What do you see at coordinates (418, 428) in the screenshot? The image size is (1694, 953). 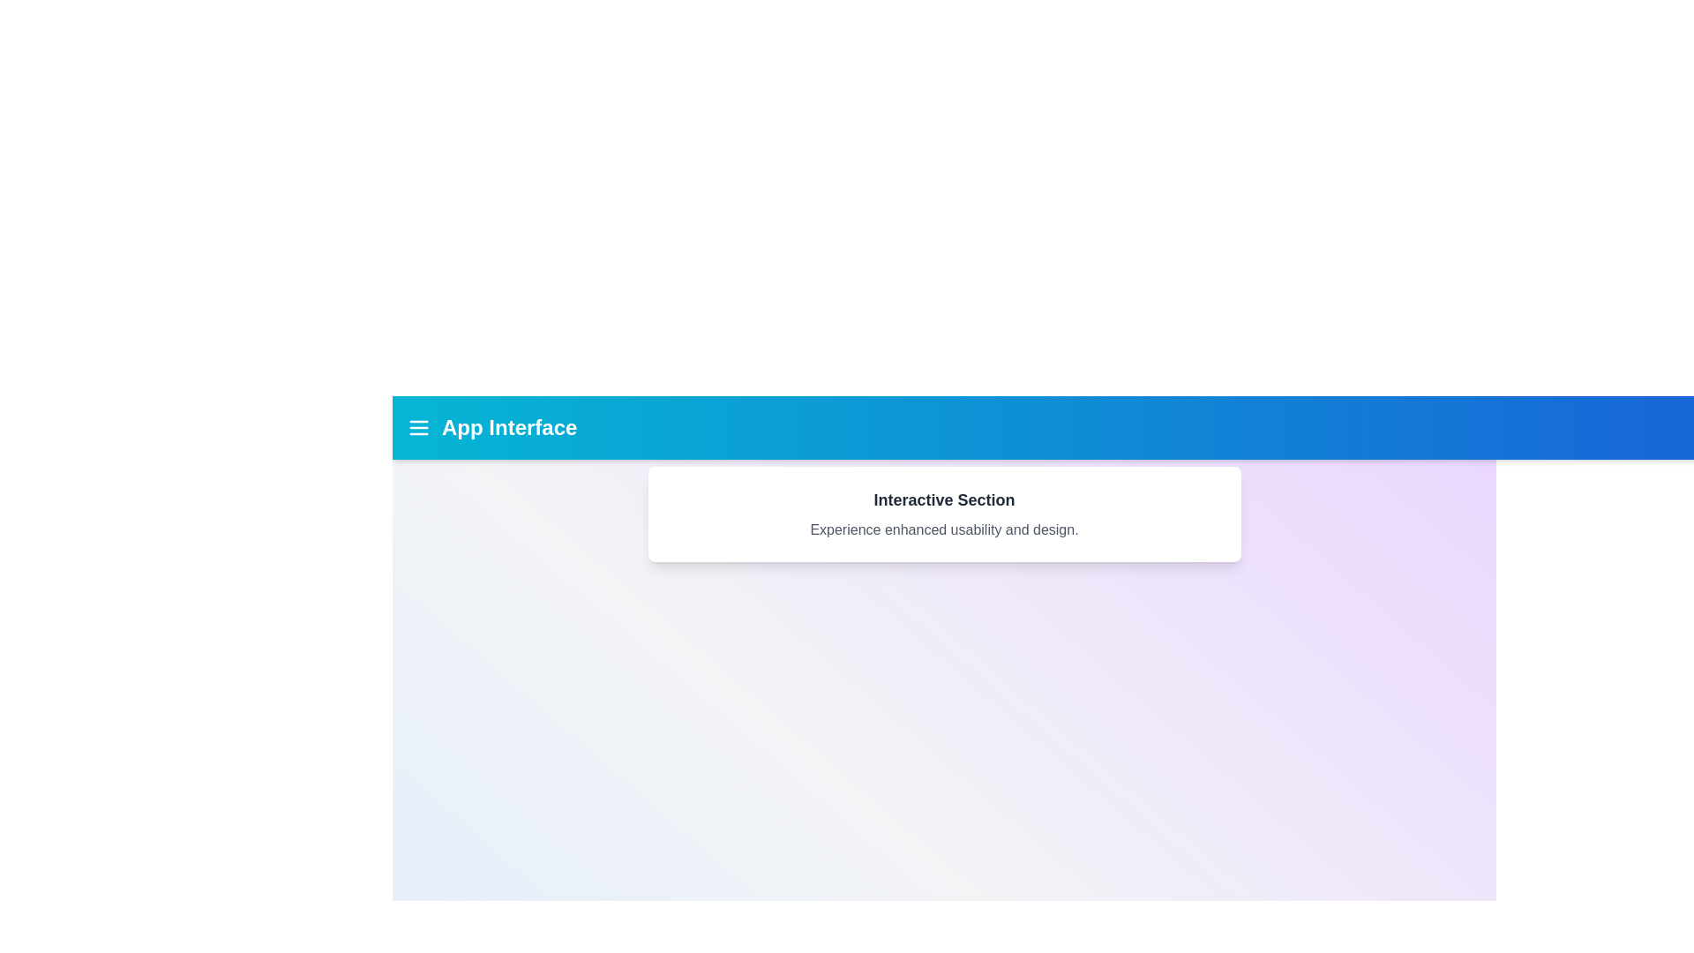 I see `the navigation menu icon to open the menu` at bounding box center [418, 428].